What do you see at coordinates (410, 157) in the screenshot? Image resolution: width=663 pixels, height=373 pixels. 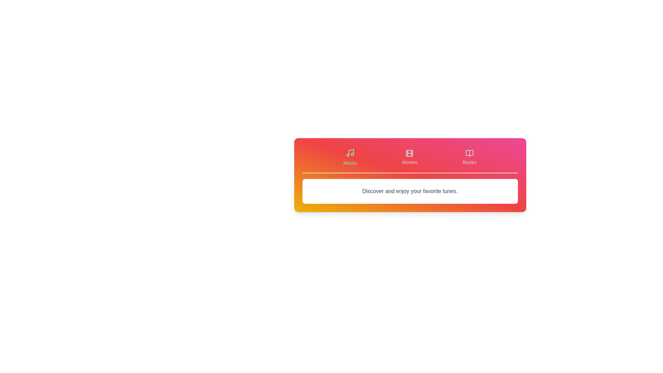 I see `the Movies tab to observe its hover effect` at bounding box center [410, 157].